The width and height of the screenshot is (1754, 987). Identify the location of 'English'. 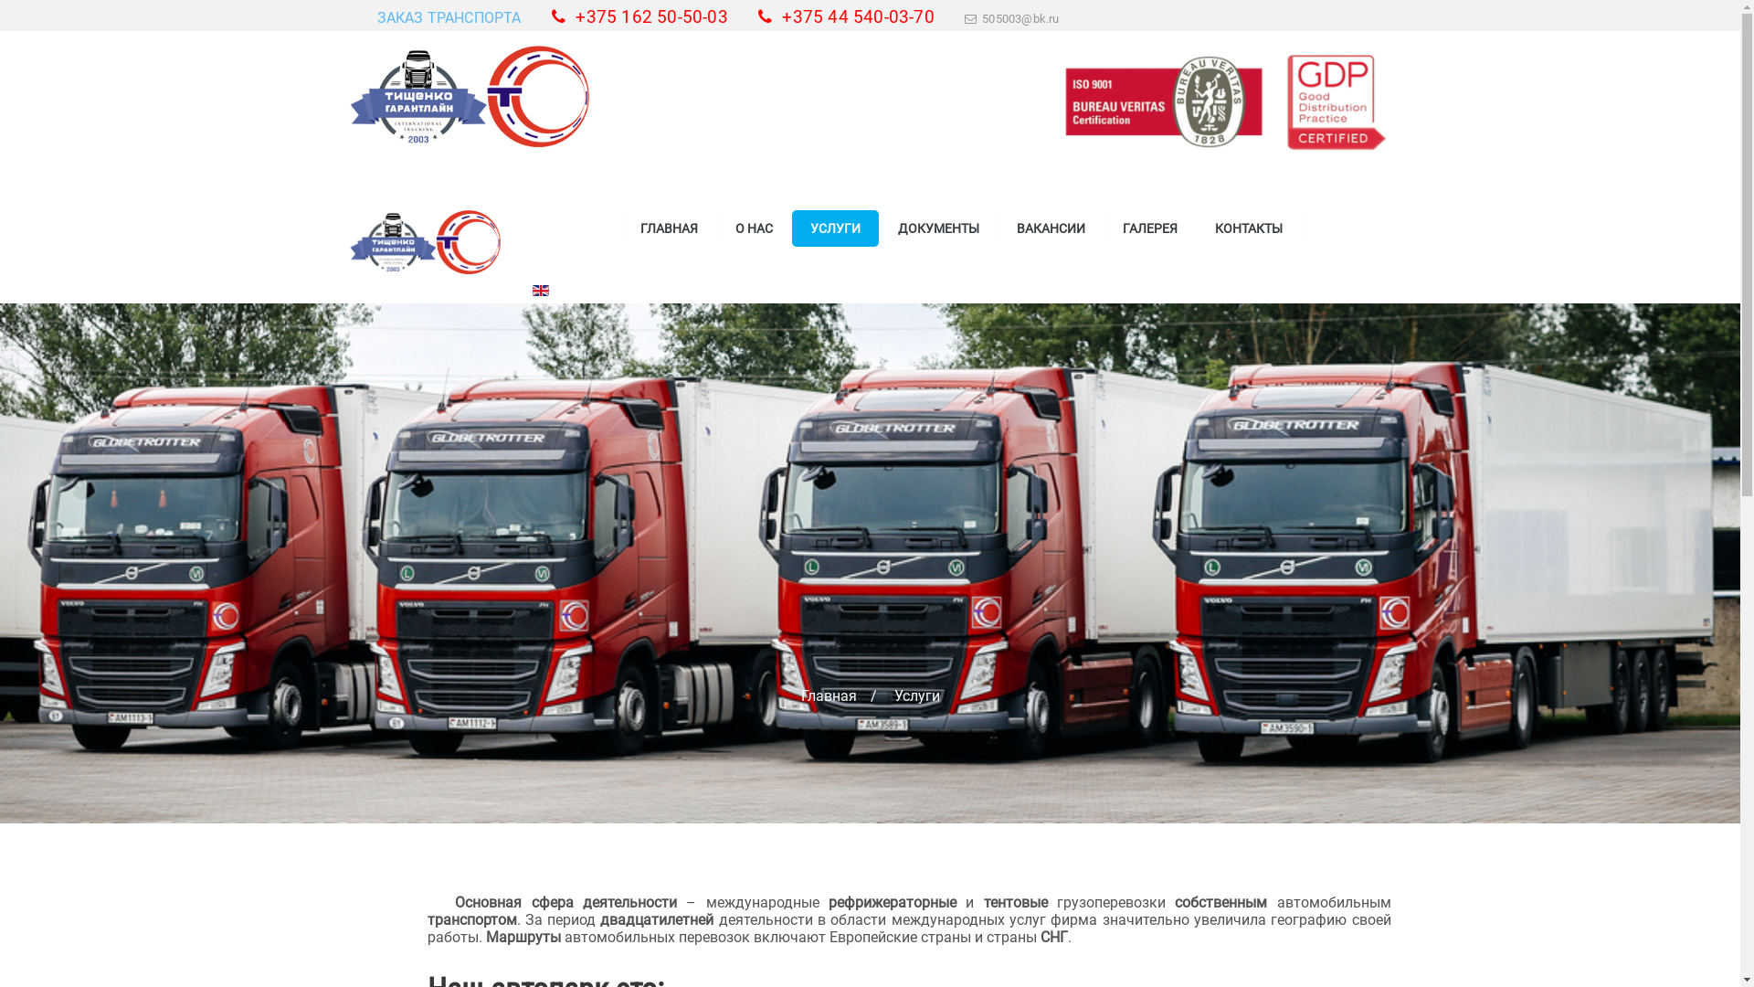
(538, 289).